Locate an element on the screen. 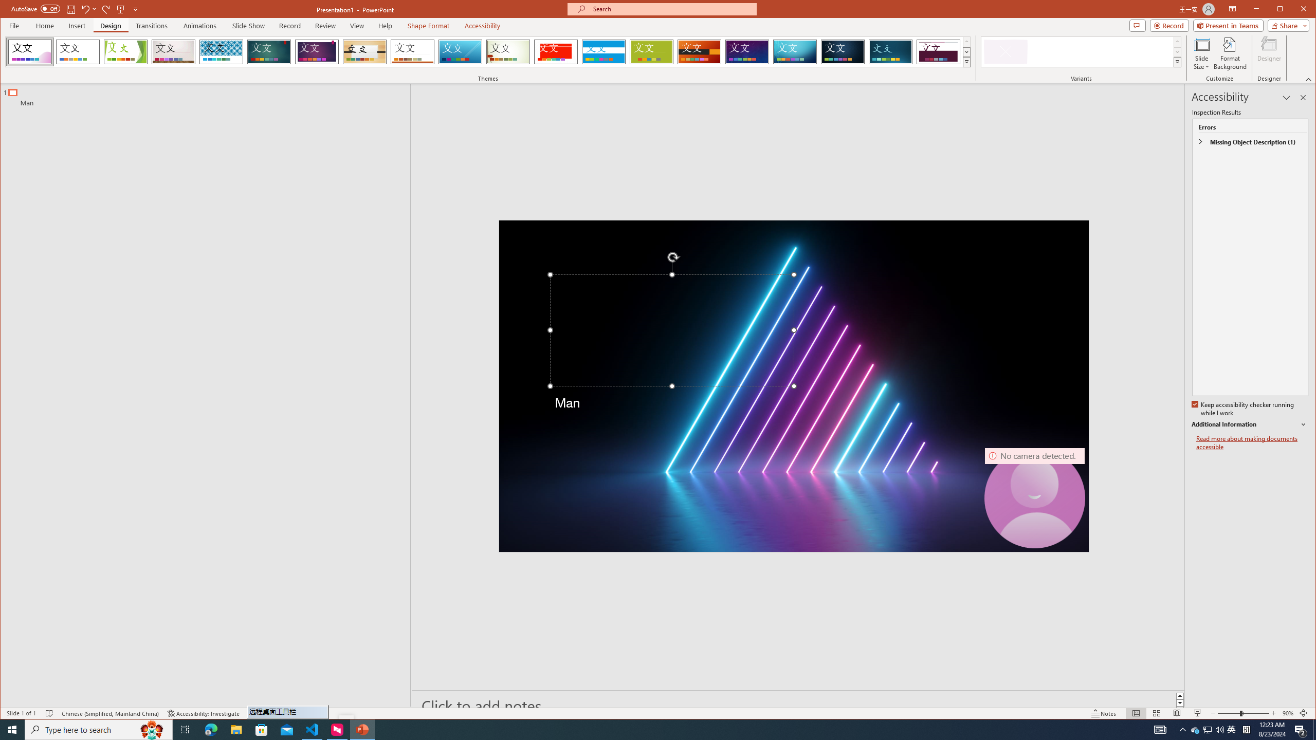 The height and width of the screenshot is (740, 1316). 'Camera 7, No camera detected.' is located at coordinates (1035, 497).